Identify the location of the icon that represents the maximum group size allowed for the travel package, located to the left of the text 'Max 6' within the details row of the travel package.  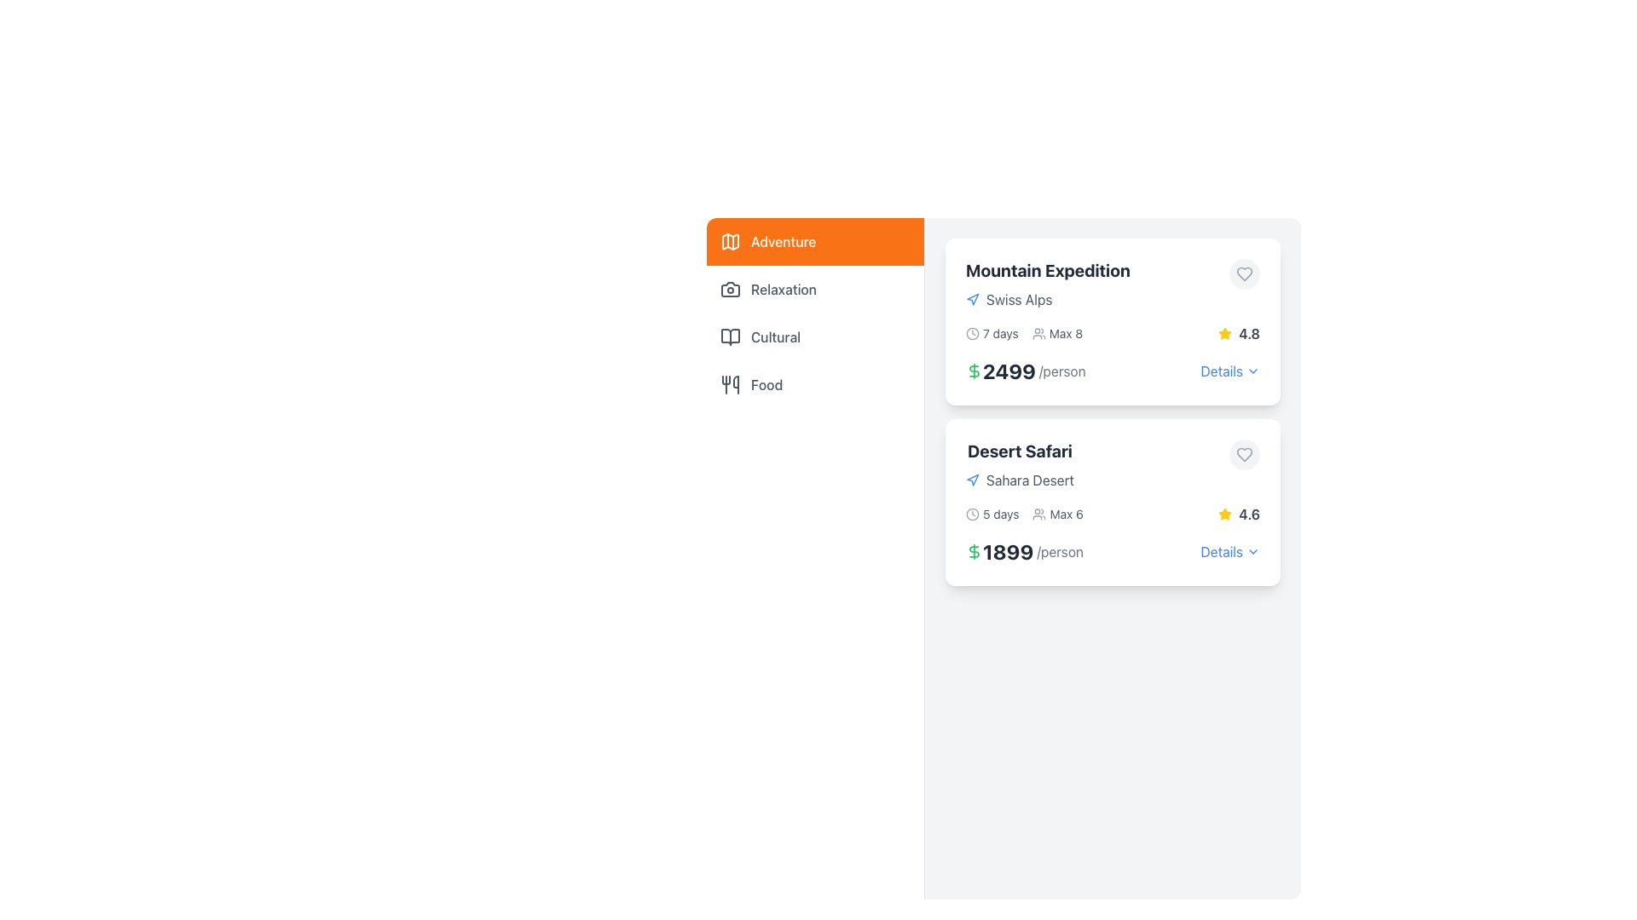
(1038, 514).